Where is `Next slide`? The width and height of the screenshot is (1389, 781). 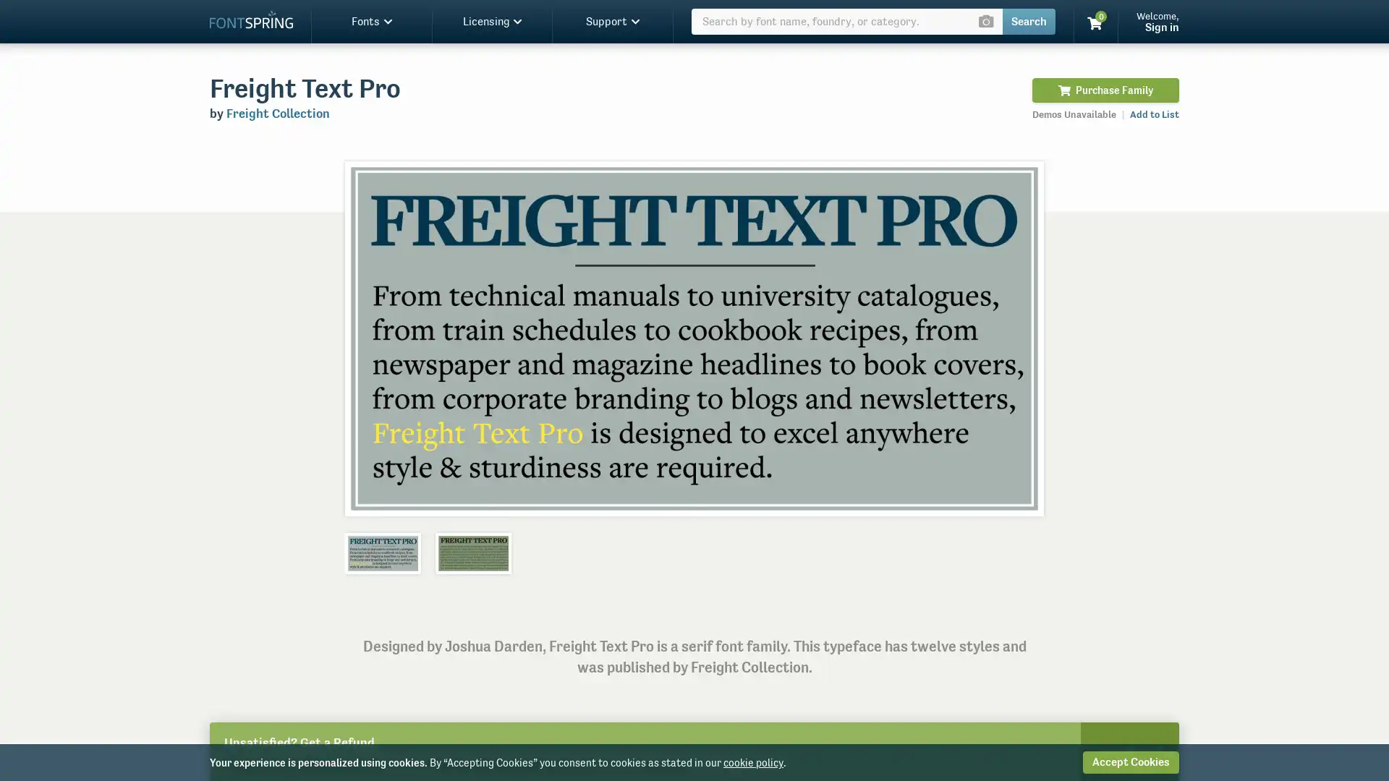 Next slide is located at coordinates (1016, 338).